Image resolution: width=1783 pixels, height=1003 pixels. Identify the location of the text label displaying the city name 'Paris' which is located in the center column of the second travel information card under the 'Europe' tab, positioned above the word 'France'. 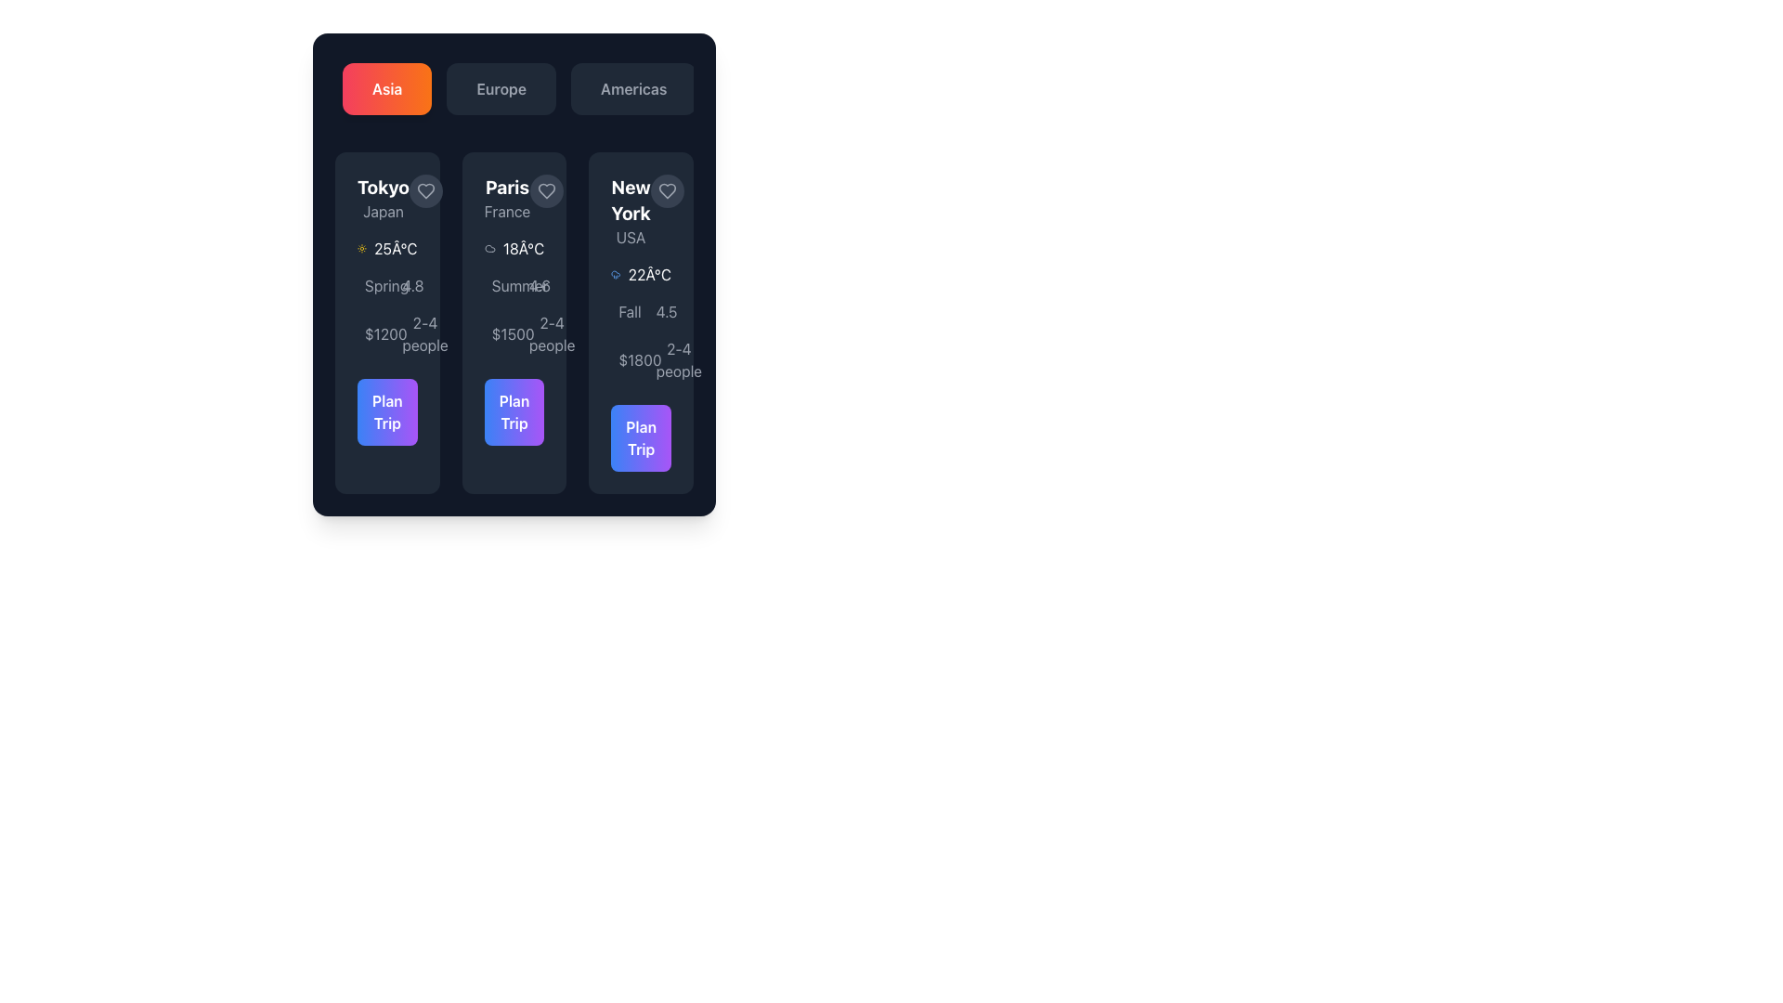
(507, 187).